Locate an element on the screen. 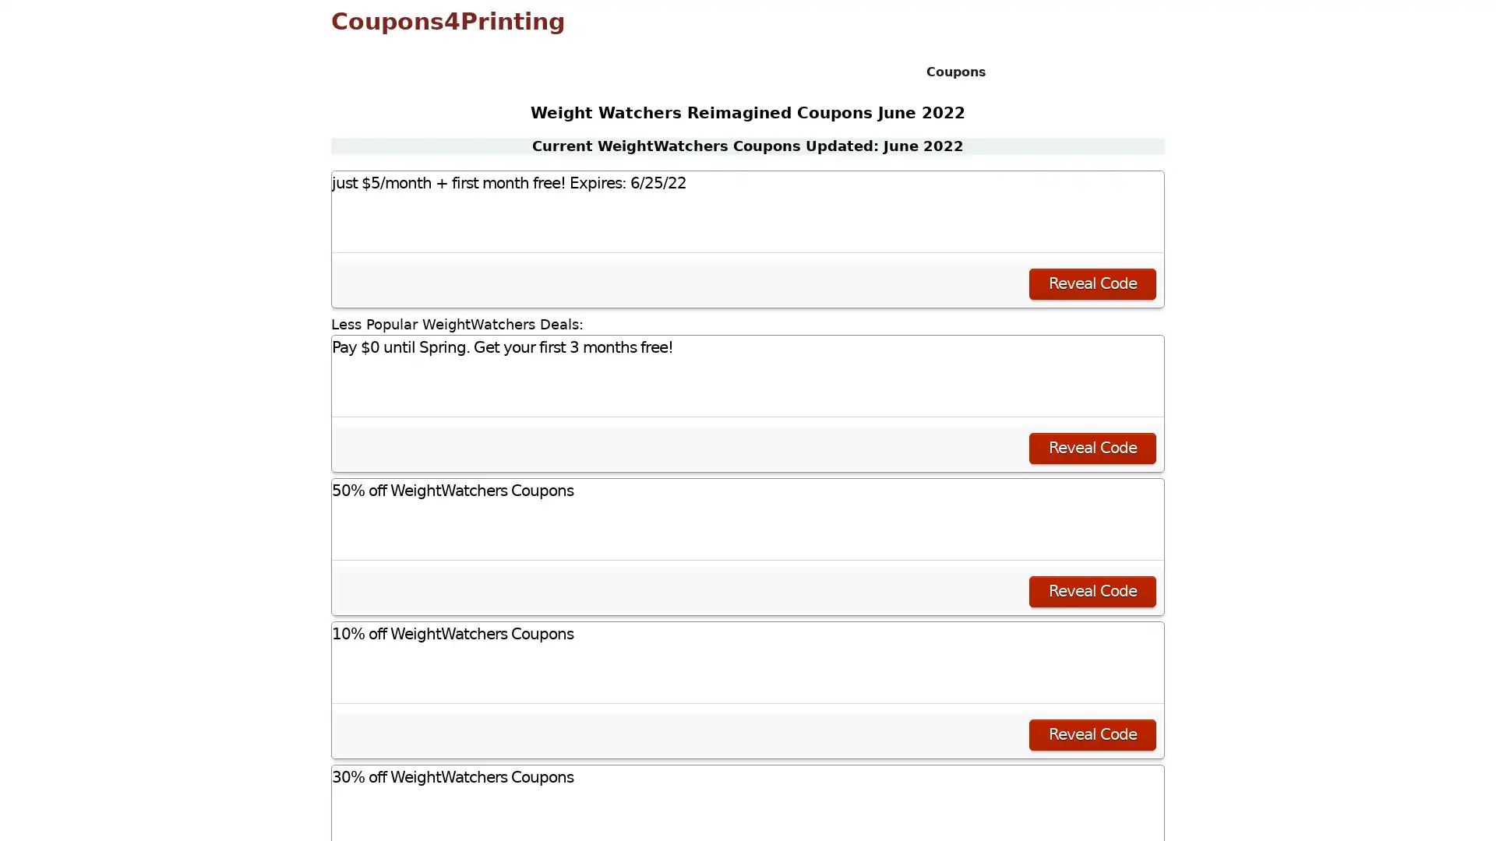 The height and width of the screenshot is (841, 1496). Reveal Code is located at coordinates (1092, 591).